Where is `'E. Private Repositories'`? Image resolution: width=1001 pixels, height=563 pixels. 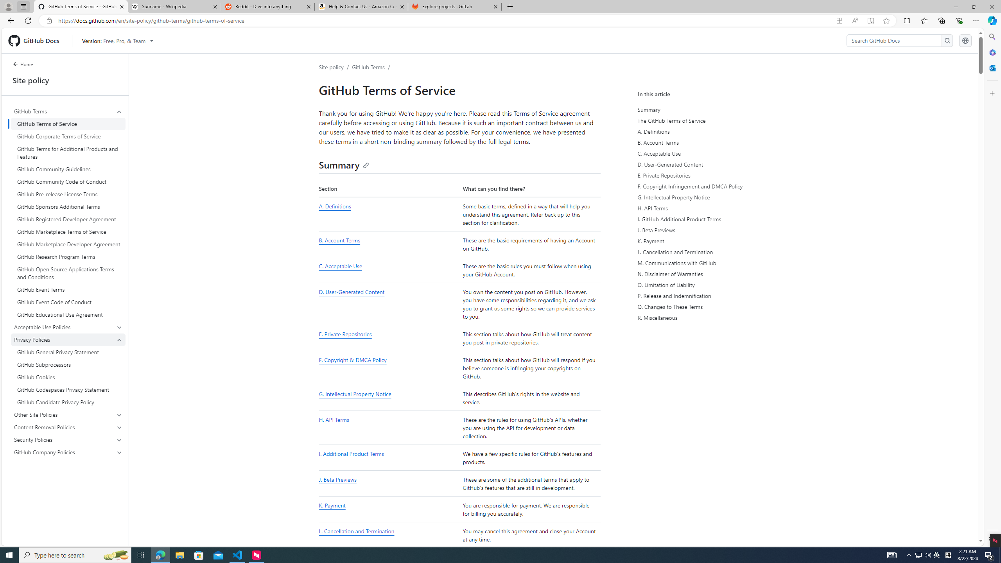
'E. Private Repositories' is located at coordinates (389, 338).